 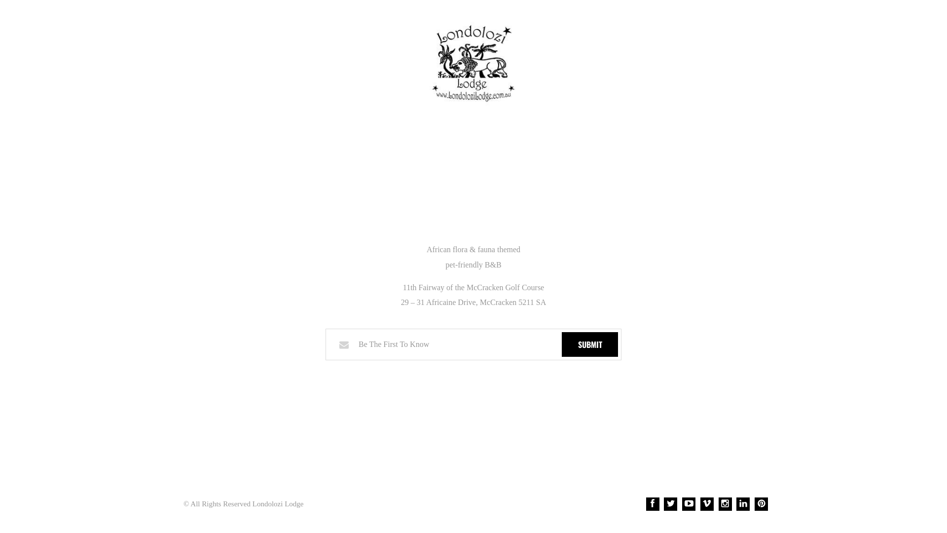 What do you see at coordinates (589, 344) in the screenshot?
I see `'SUBMIT'` at bounding box center [589, 344].